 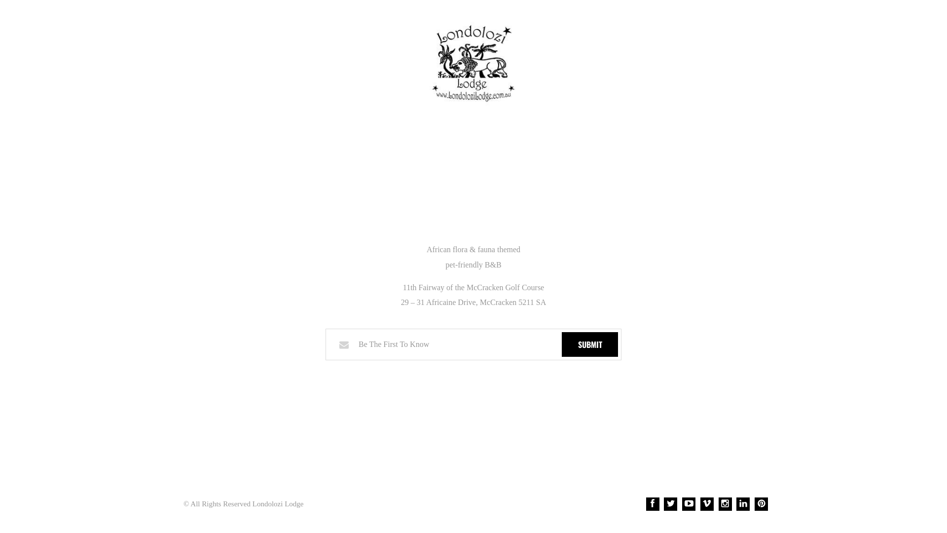 What do you see at coordinates (589, 344) in the screenshot?
I see `'SUBMIT'` at bounding box center [589, 344].